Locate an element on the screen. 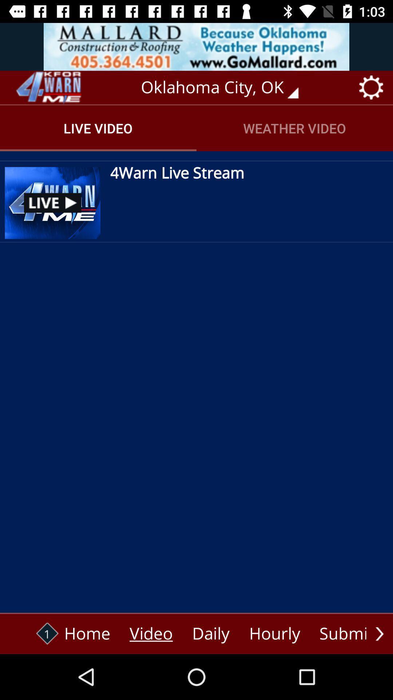  item next to oklahoma city, ok is located at coordinates (48, 87).